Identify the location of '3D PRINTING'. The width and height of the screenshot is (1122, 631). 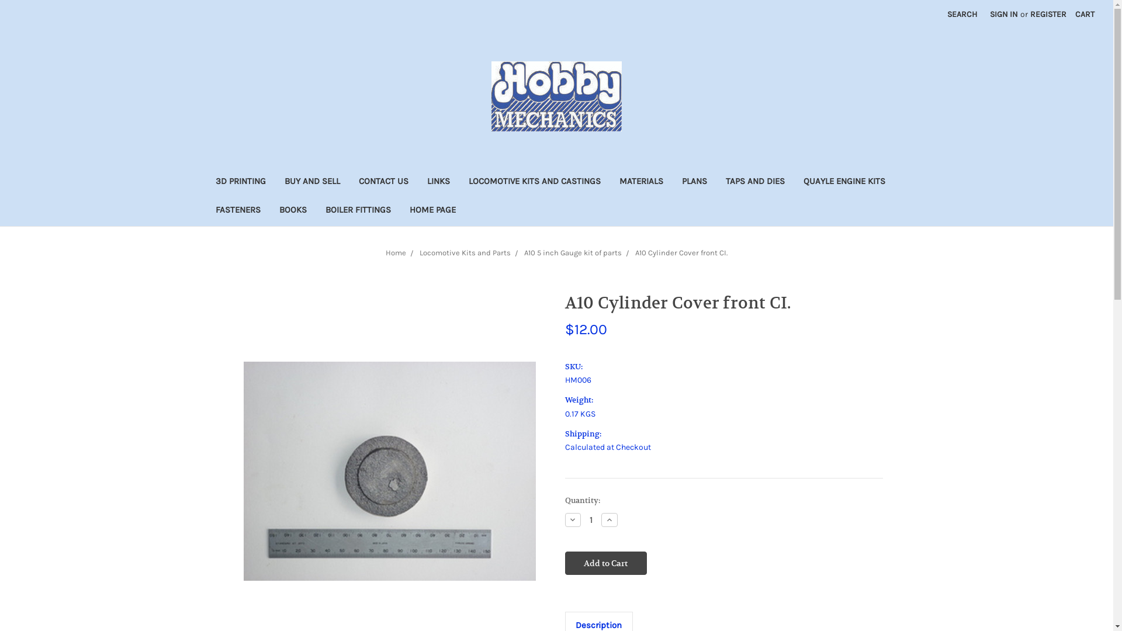
(240, 182).